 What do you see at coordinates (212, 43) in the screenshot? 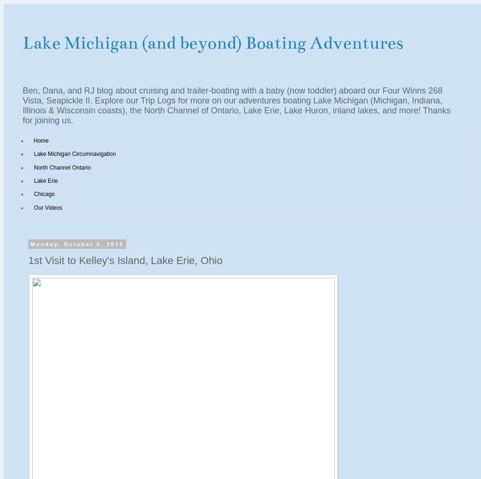
I see `'Lake Michigan (and beyond) Boating Adventures'` at bounding box center [212, 43].